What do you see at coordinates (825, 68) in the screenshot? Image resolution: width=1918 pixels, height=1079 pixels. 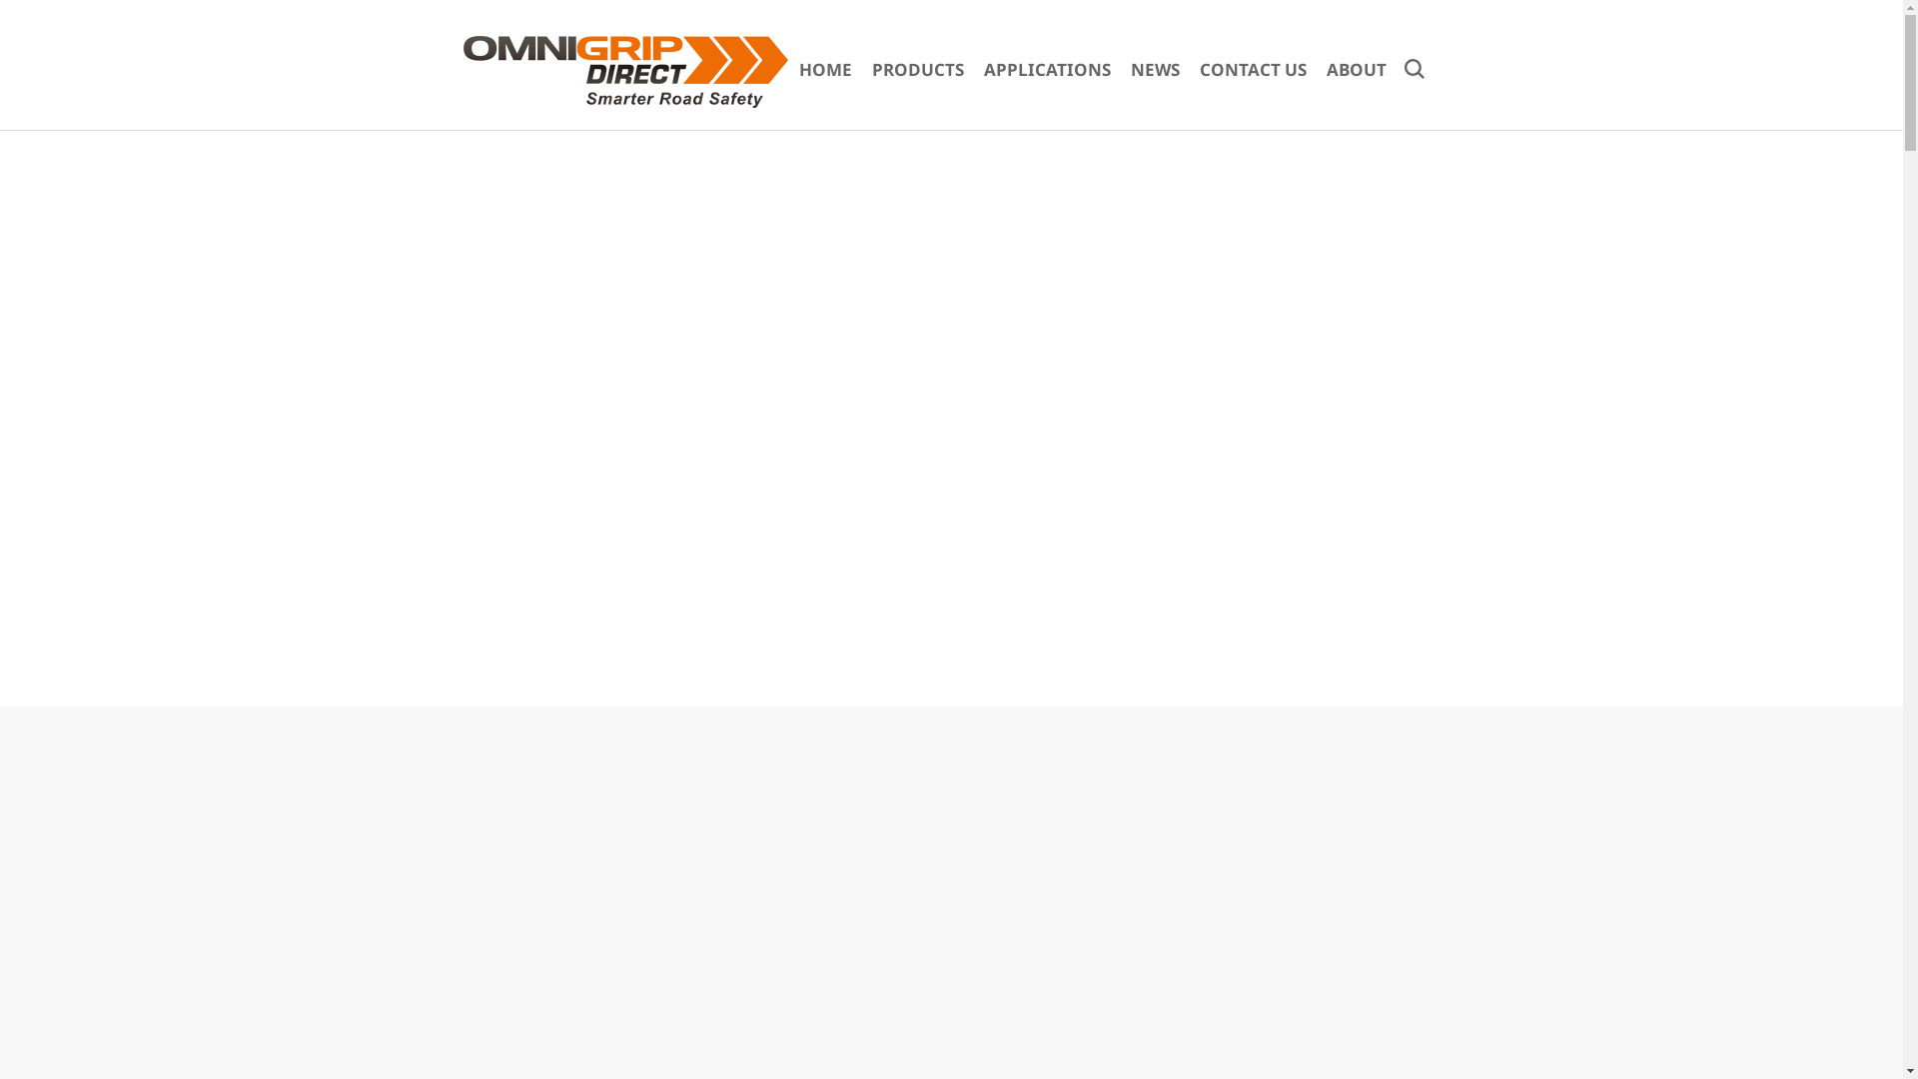 I see `'HOME'` at bounding box center [825, 68].